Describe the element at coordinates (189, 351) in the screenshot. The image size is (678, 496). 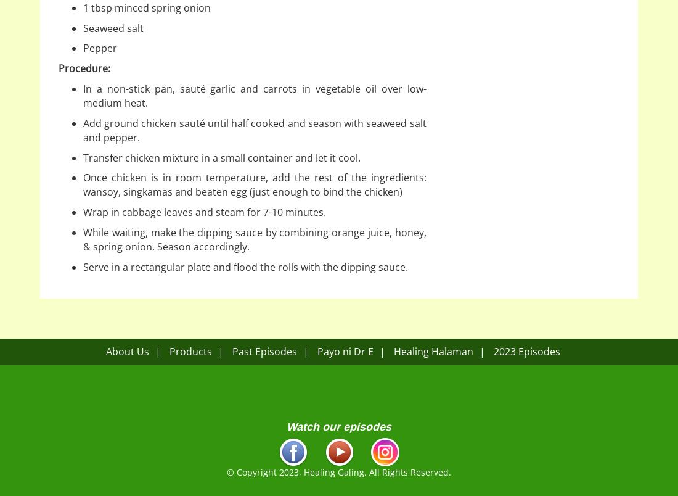
I see `'Products'` at that location.